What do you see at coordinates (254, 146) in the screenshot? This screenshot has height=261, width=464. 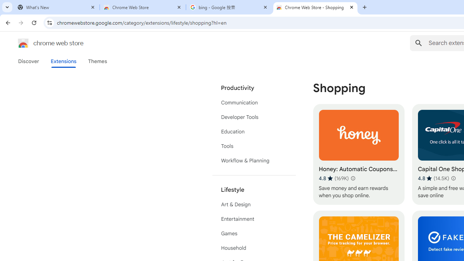 I see `'Tools'` at bounding box center [254, 146].